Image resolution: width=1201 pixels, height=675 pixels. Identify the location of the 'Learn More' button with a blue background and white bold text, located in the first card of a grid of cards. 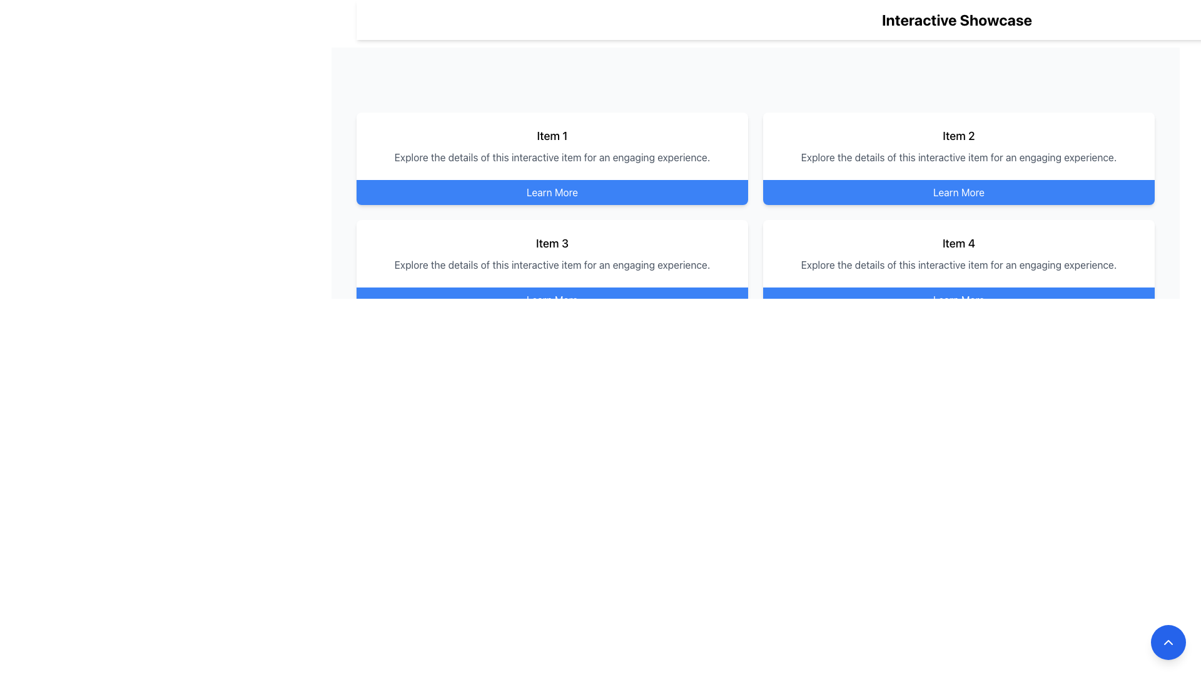
(552, 192).